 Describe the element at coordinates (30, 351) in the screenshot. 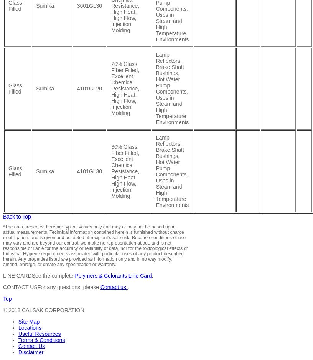

I see `'Disclaimer'` at that location.